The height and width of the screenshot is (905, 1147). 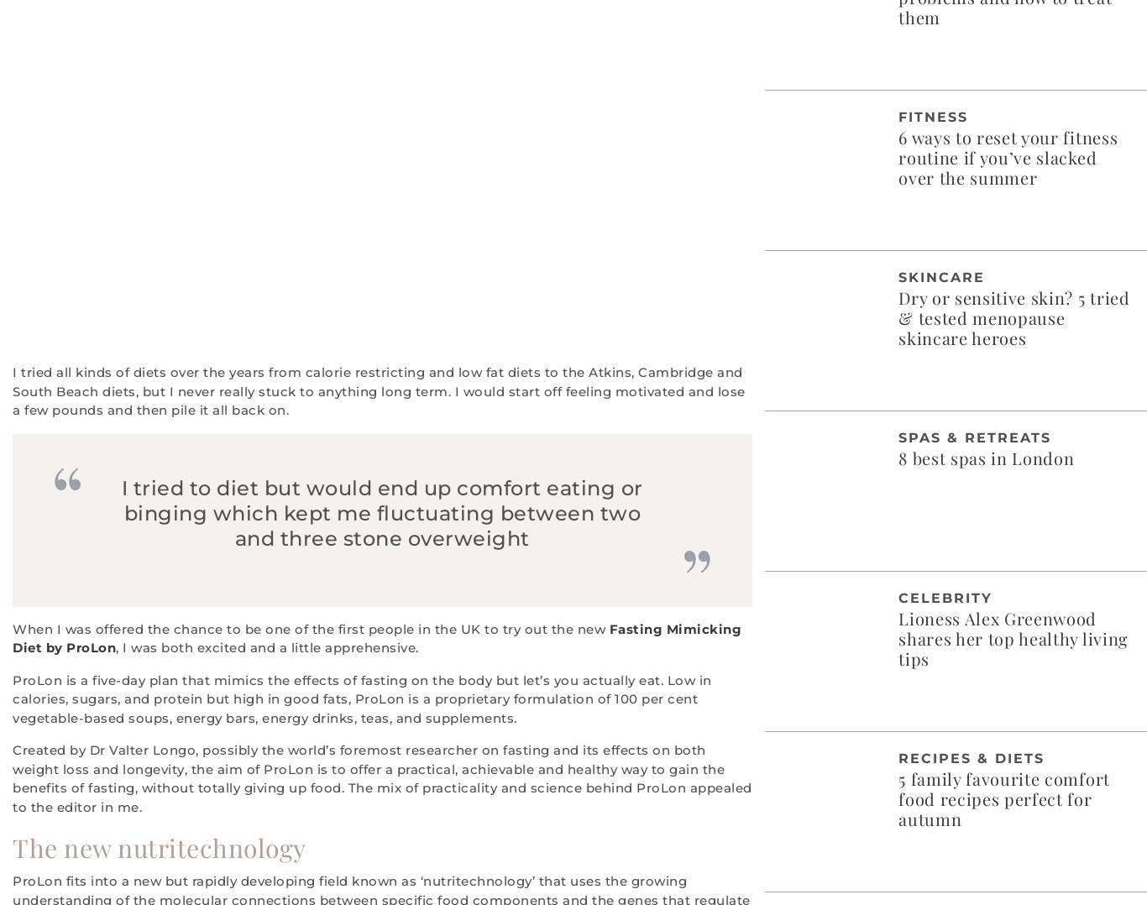 What do you see at coordinates (360, 698) in the screenshot?
I see `'ProLon is a five-day plan that mimics the effects of fasting on the body but let’s you actually eat. Low in calories, sugars, and protein but high in good fats, ProLon is a proprietary formulation of 100 per cent vegetable-based soups, energy bars, energy drinks, teas, and supplements.'` at bounding box center [360, 698].